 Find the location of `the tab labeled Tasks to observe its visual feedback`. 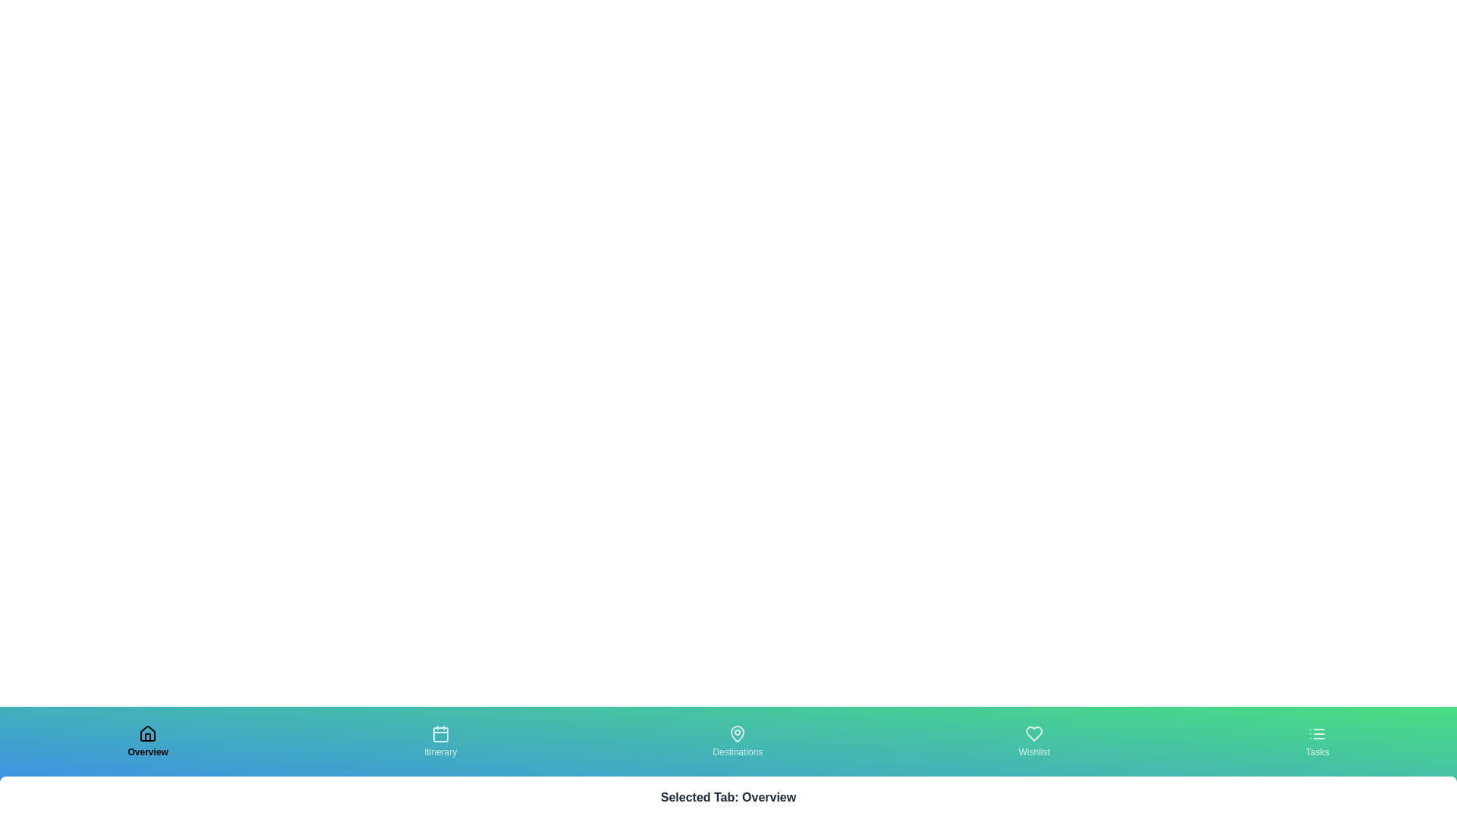

the tab labeled Tasks to observe its visual feedback is located at coordinates (1317, 741).